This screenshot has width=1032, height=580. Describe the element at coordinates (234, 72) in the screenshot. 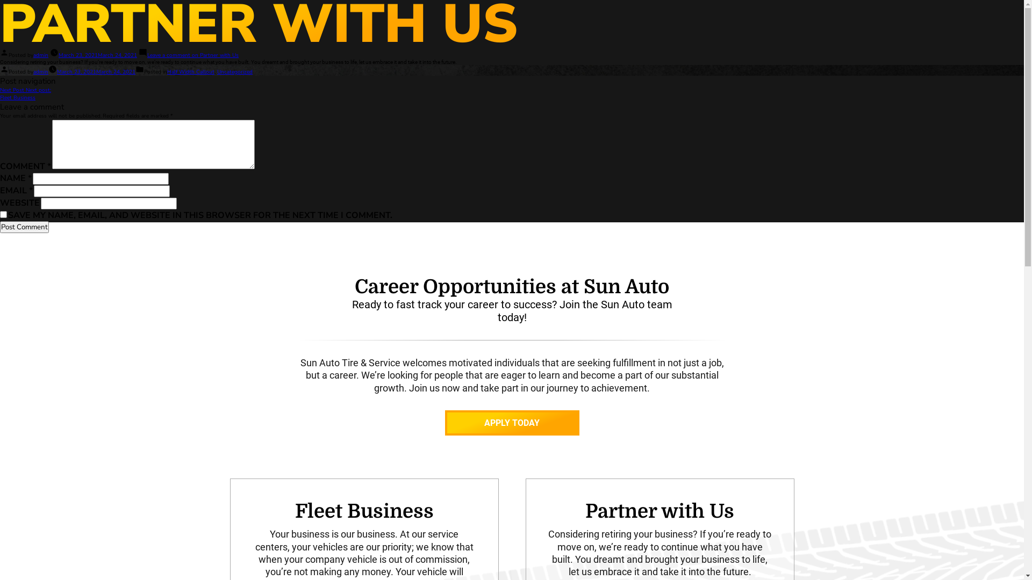

I see `'Uncategorized'` at that location.